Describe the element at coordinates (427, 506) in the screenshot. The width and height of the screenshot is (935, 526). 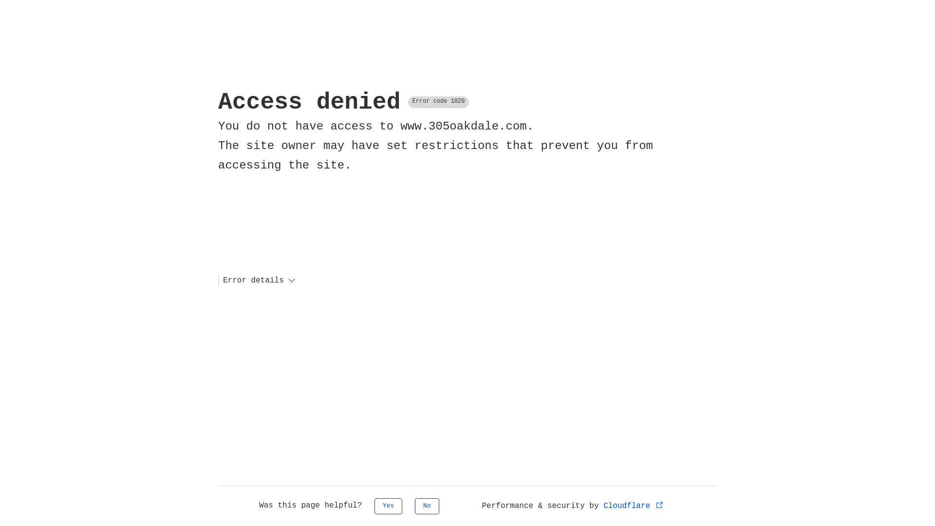
I see `'No'` at that location.